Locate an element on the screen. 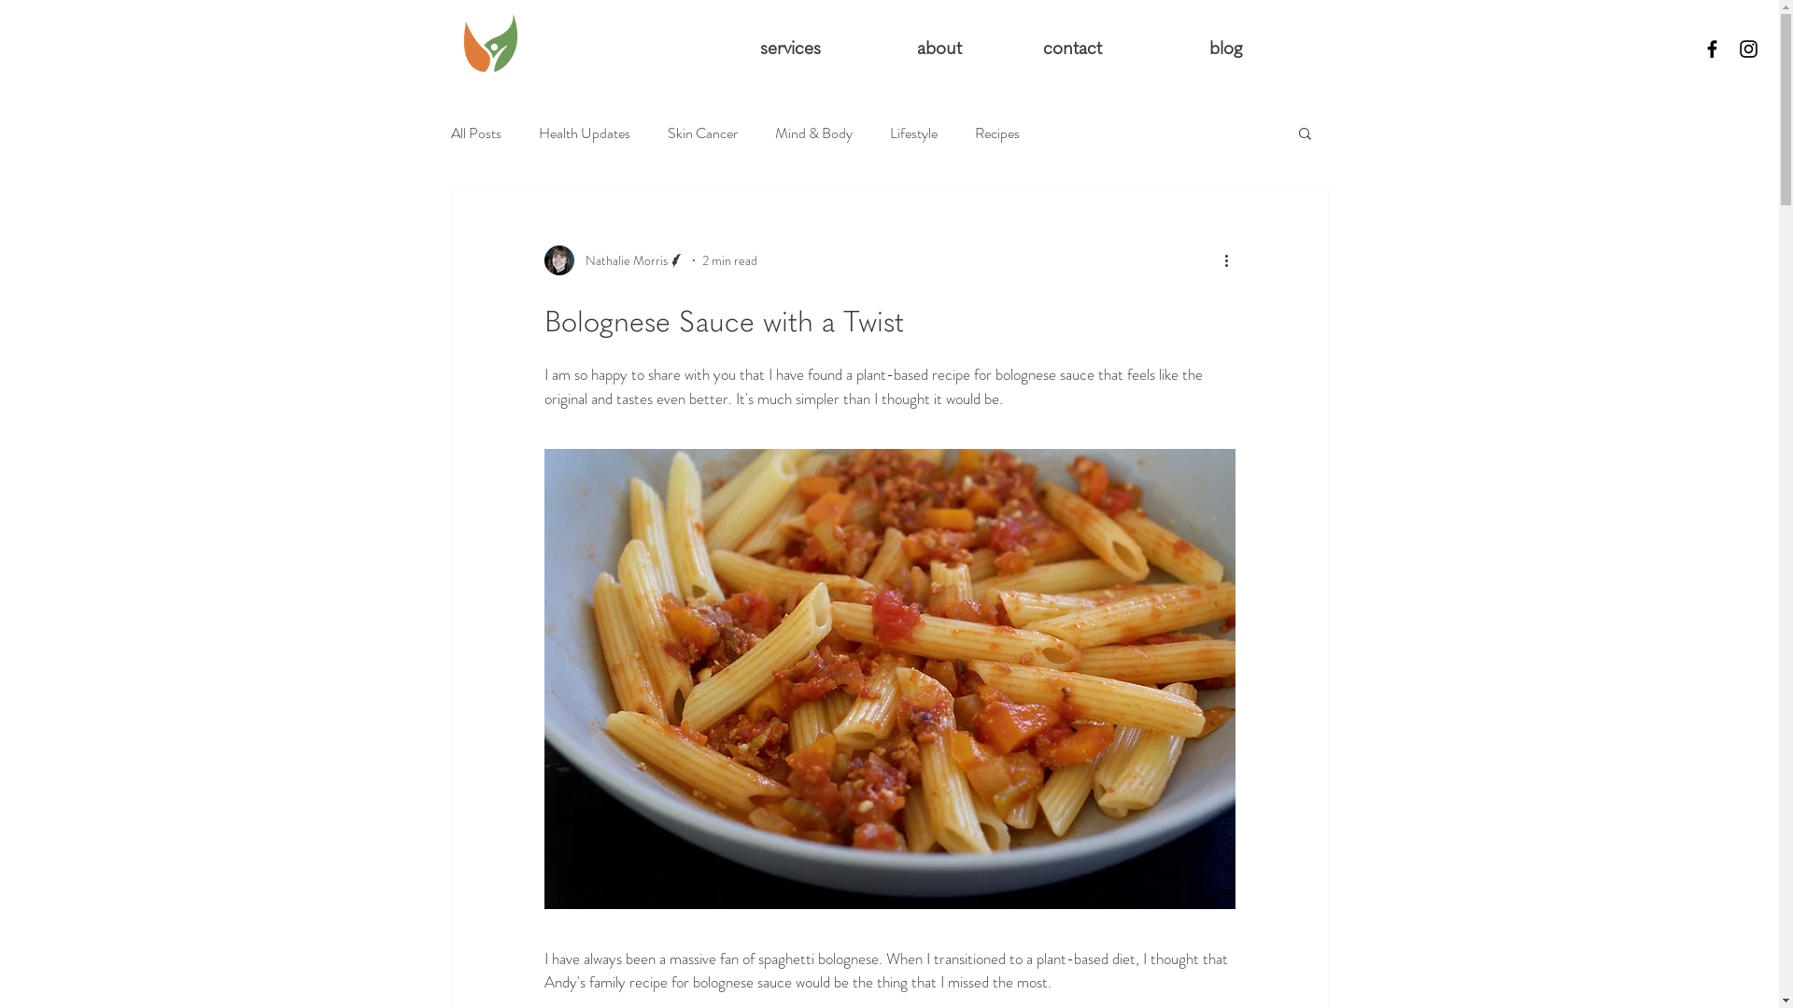  'Skin Cancer' is located at coordinates (700, 131).